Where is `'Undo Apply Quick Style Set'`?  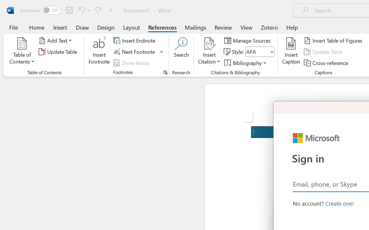
'Undo Apply Quick Style Set' is located at coordinates (83, 10).